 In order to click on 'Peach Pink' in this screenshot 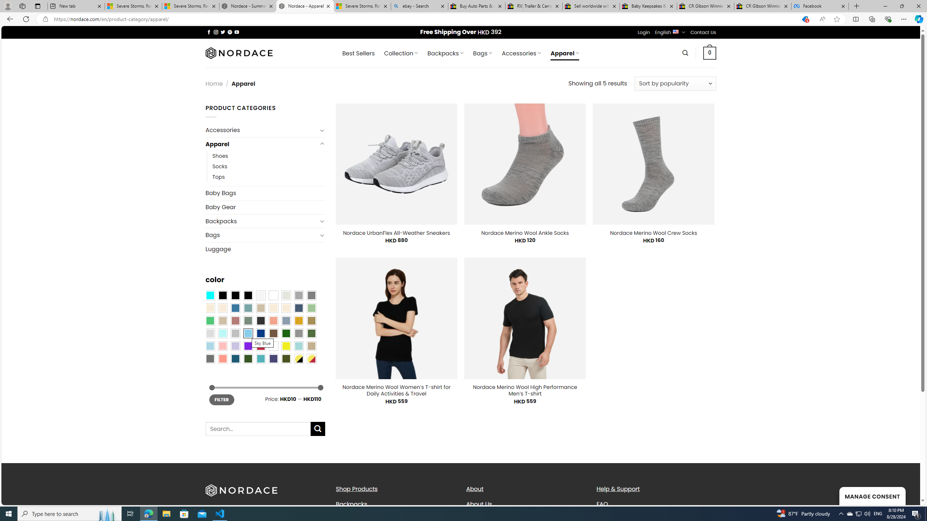, I will do `click(222, 358)`.